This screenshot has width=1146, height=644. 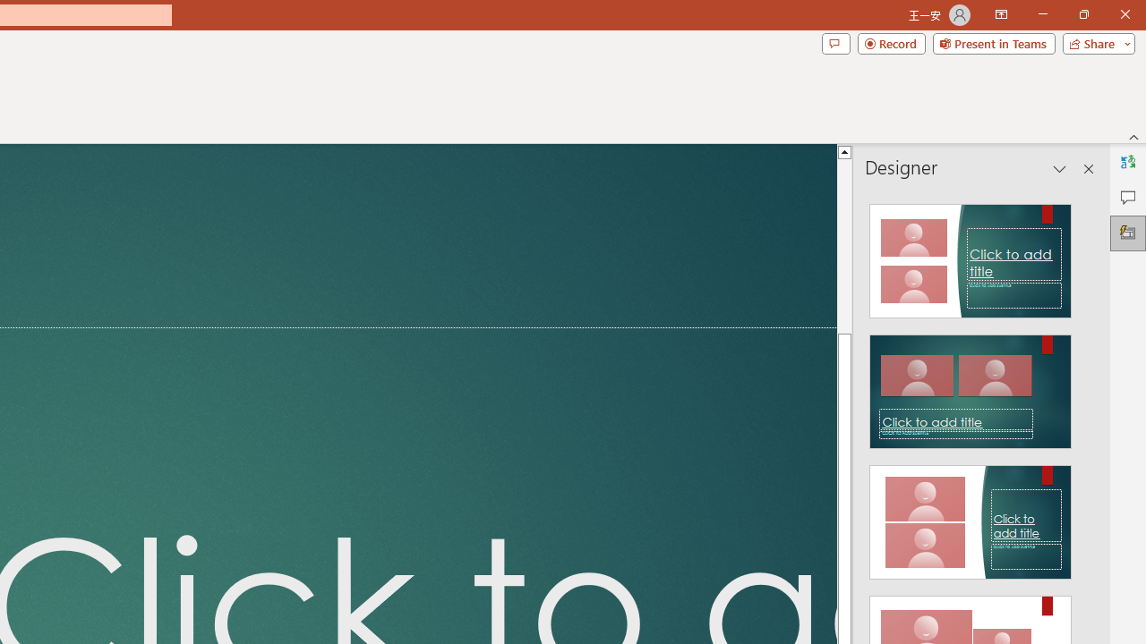 What do you see at coordinates (970, 516) in the screenshot?
I see `'Design Idea'` at bounding box center [970, 516].